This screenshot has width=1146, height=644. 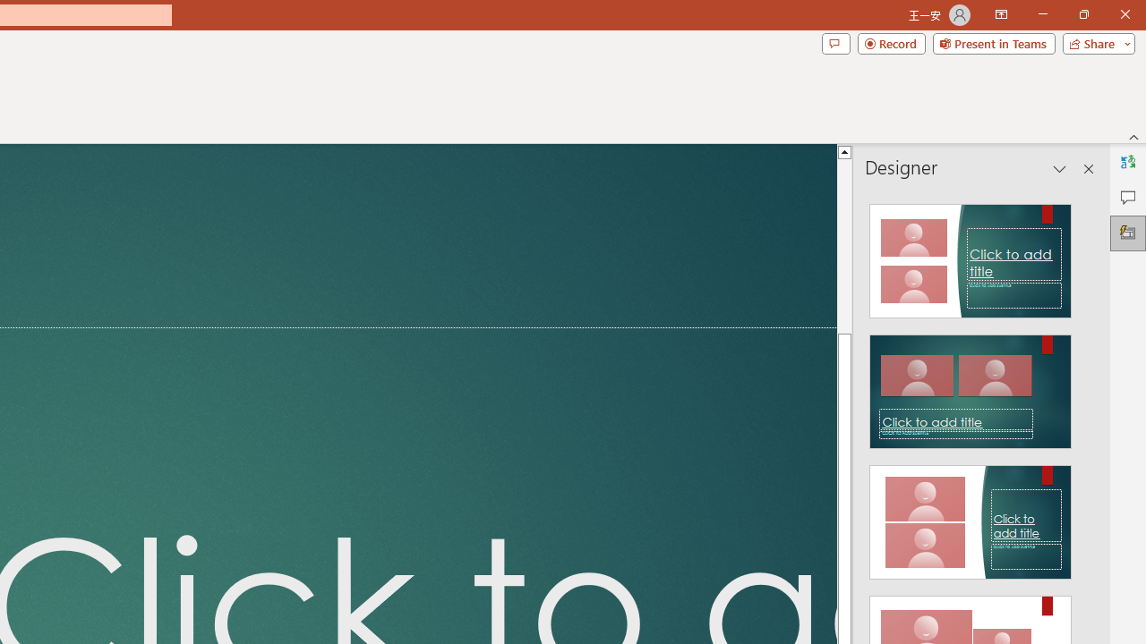 What do you see at coordinates (970, 516) in the screenshot?
I see `'Design Idea'` at bounding box center [970, 516].